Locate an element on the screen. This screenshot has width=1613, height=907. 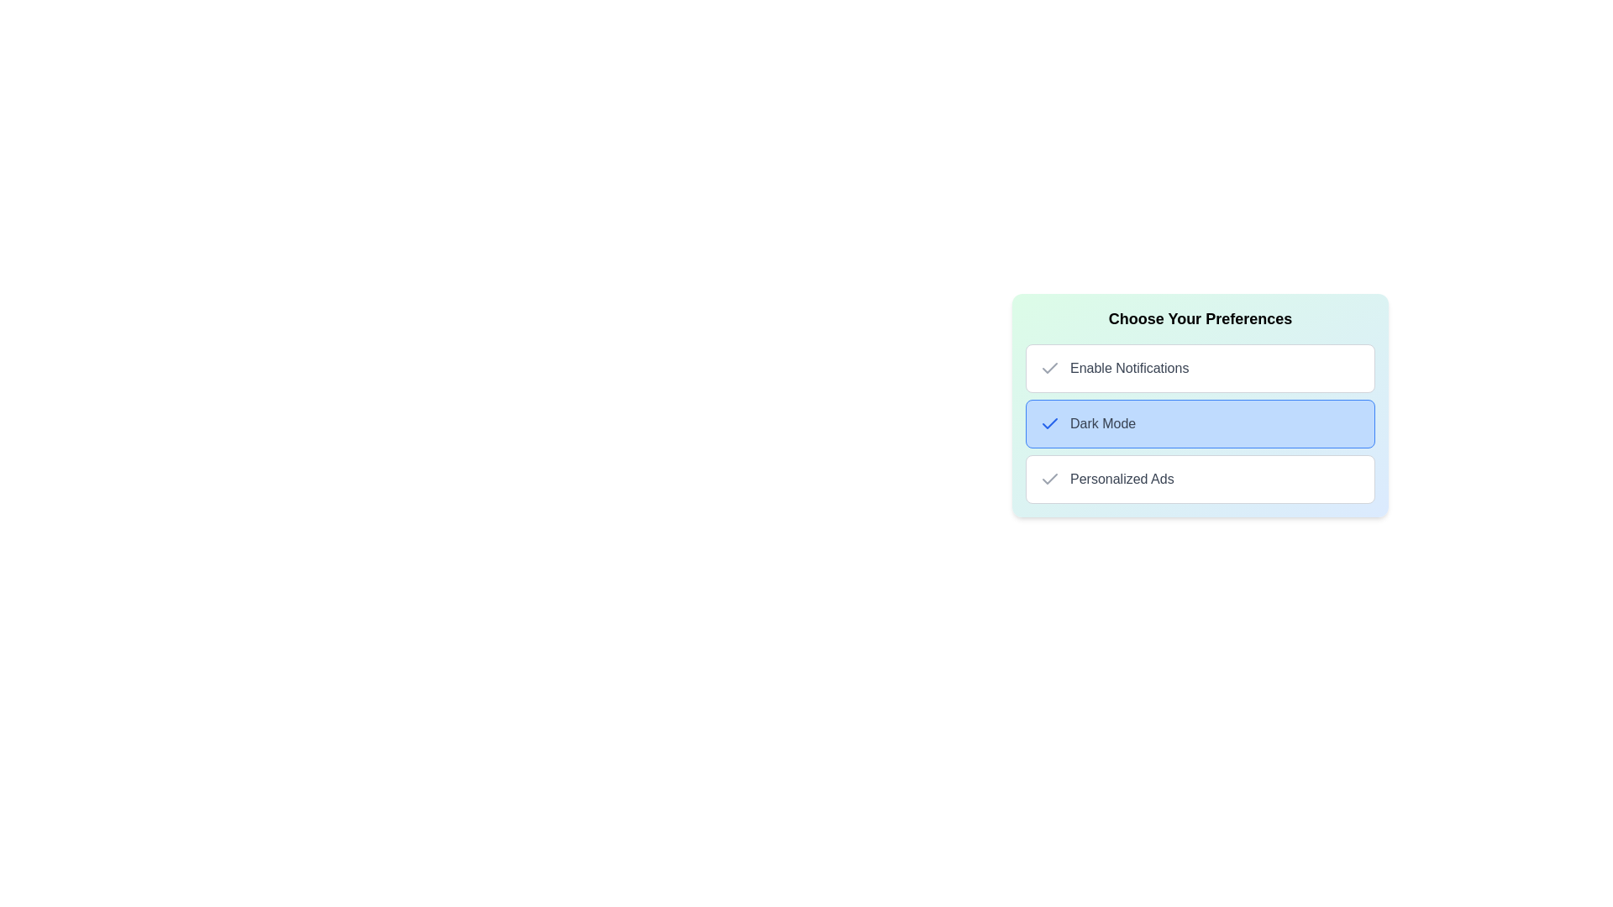
the second selectable option in the preferences list is located at coordinates (1200, 430).